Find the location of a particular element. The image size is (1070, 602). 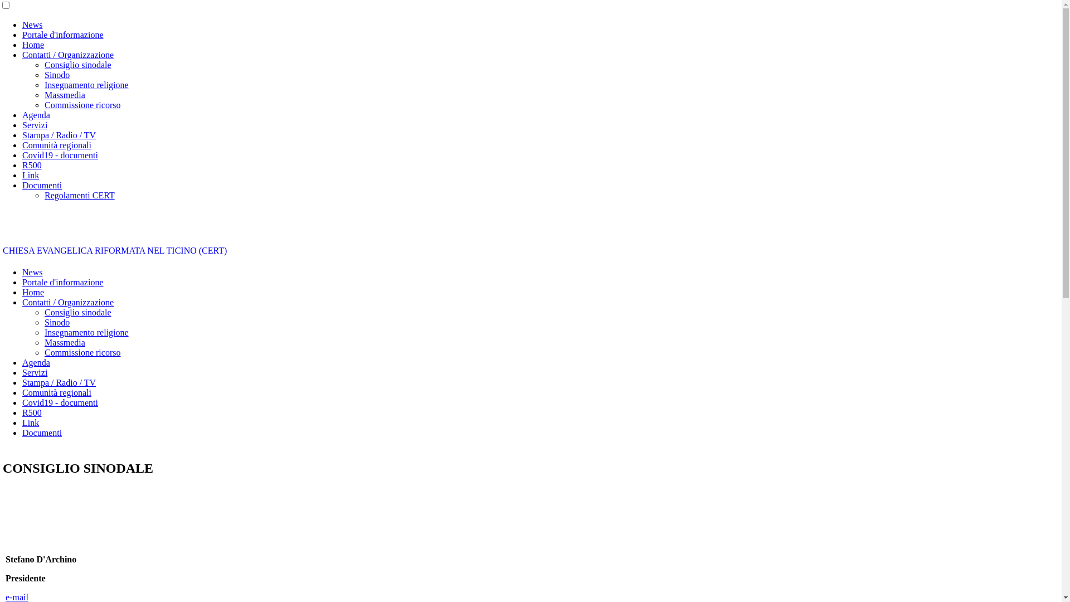

'Massmedia' is located at coordinates (64, 342).